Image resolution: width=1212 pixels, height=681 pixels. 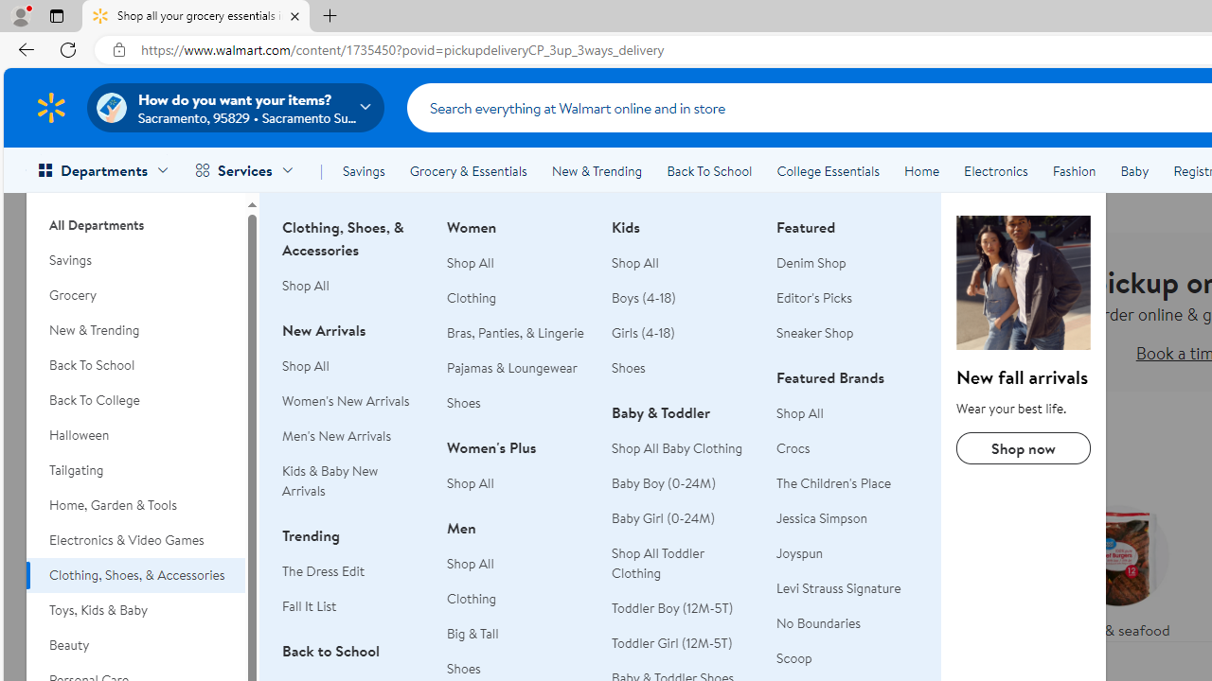 I want to click on 'Home, Garden & Tools', so click(x=134, y=504).